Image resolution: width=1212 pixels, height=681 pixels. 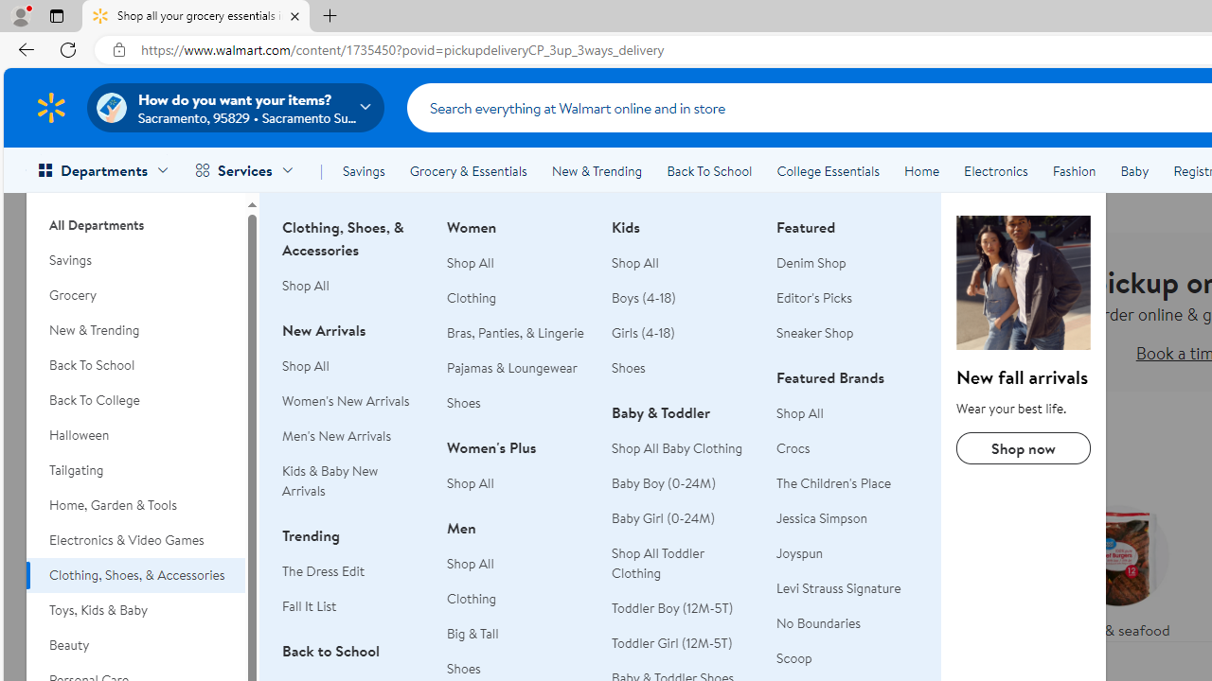 I want to click on 'Home, Garden & Tools', so click(x=134, y=504).